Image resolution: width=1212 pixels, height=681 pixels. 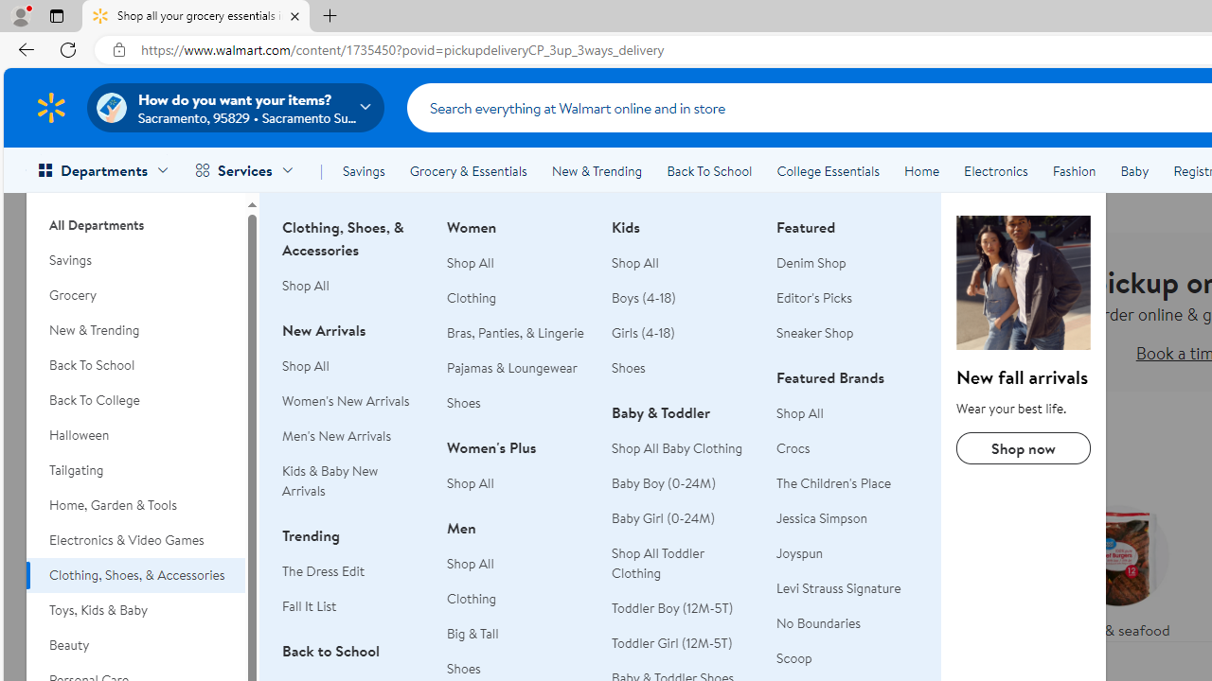 I want to click on 'Home, Garden & Tools', so click(x=134, y=504).